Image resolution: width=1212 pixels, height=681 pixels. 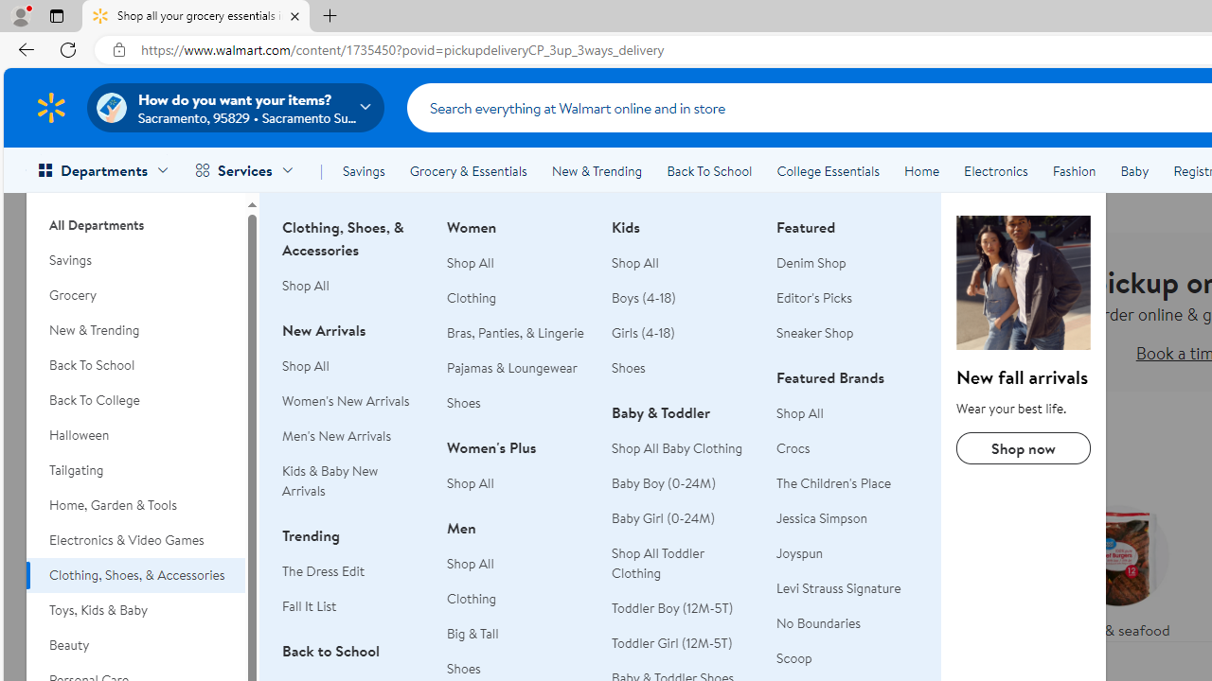 I want to click on 'Home, Garden & Tools', so click(x=134, y=504).